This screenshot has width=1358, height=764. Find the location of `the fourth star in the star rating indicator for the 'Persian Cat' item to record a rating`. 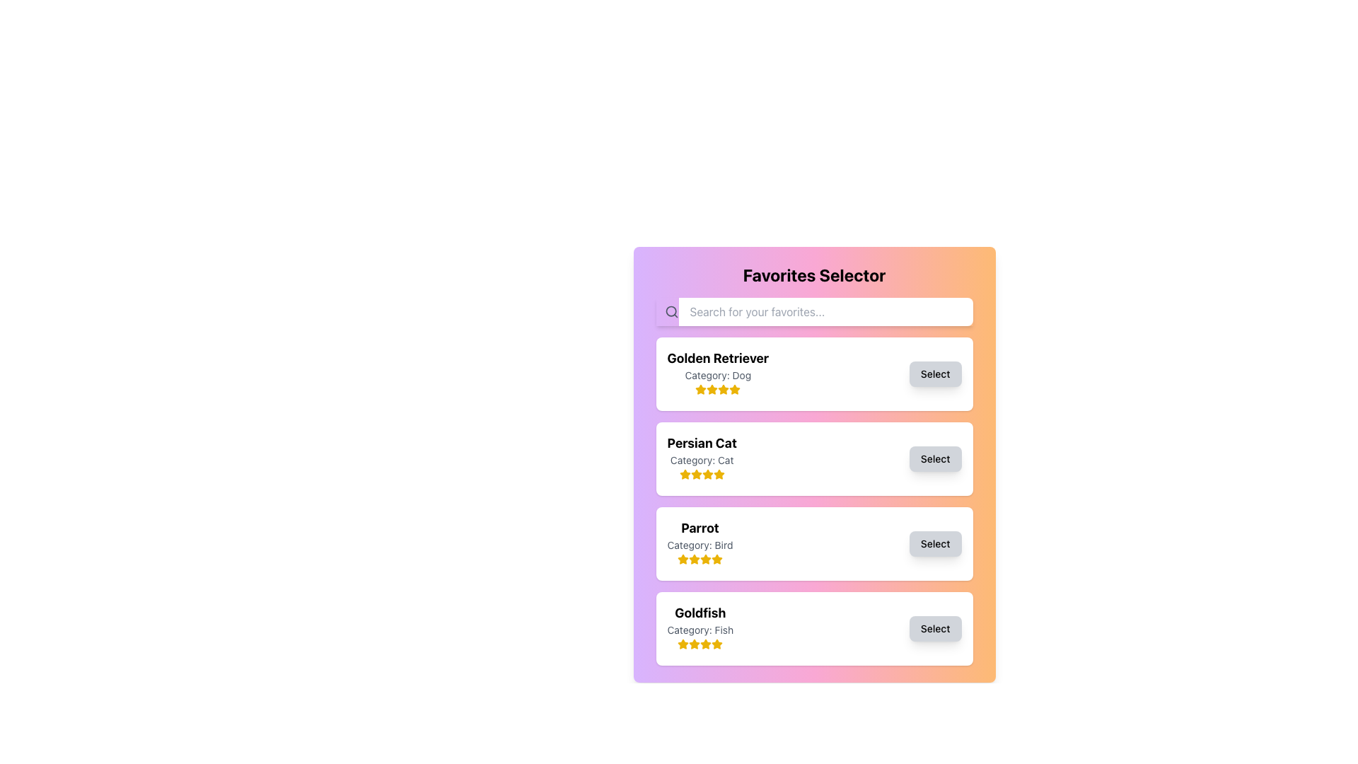

the fourth star in the star rating indicator for the 'Persian Cat' item to record a rating is located at coordinates (707, 475).